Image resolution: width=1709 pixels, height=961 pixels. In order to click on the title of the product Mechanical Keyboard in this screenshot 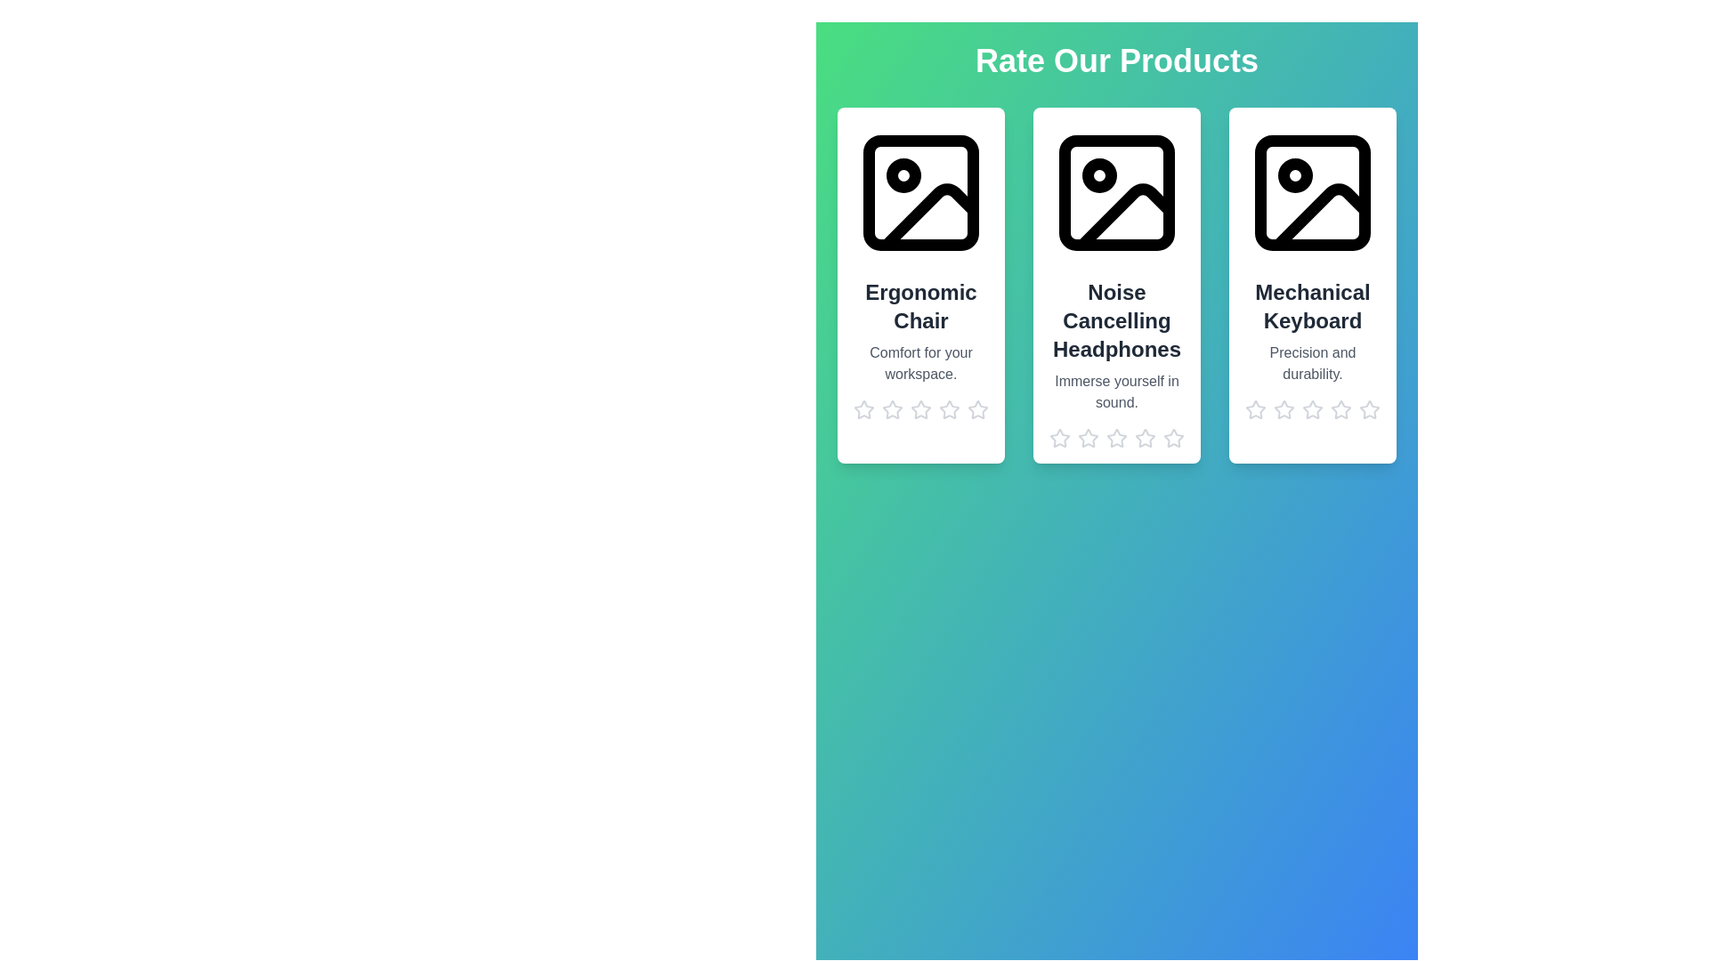, I will do `click(1312, 305)`.